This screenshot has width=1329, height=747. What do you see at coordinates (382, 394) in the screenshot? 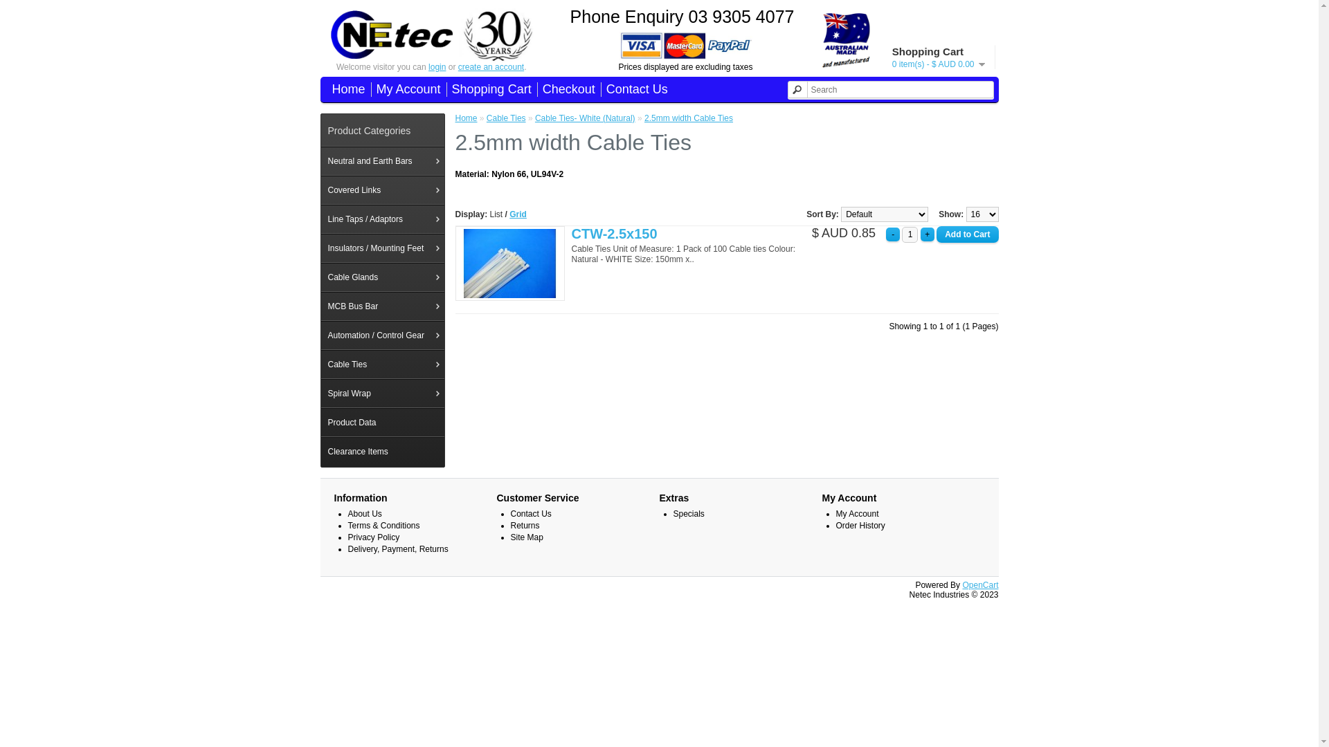
I see `'Spiral Wrap'` at bounding box center [382, 394].